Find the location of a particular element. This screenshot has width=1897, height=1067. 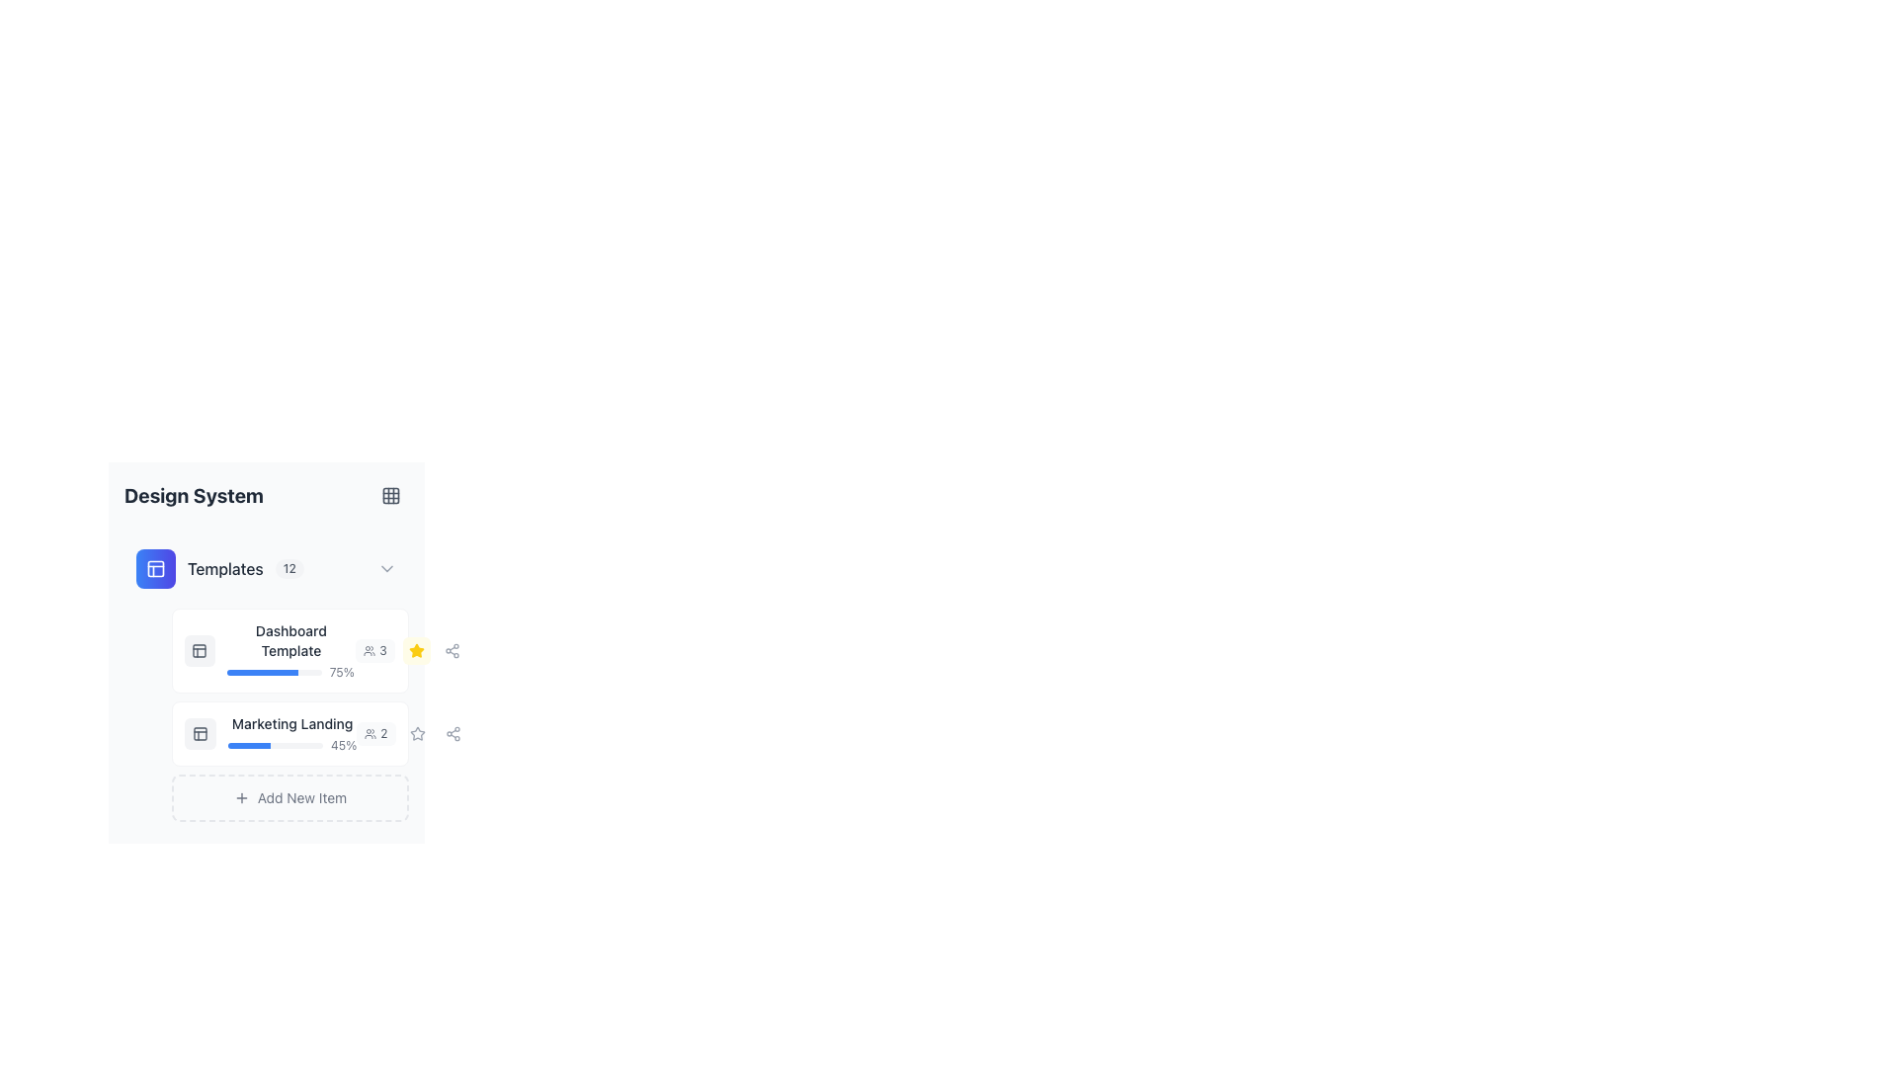

the icon that serves as a visual identifier for the associated template, located adjacent to the descriptive text 'Dashboard Template' is located at coordinates (200, 651).